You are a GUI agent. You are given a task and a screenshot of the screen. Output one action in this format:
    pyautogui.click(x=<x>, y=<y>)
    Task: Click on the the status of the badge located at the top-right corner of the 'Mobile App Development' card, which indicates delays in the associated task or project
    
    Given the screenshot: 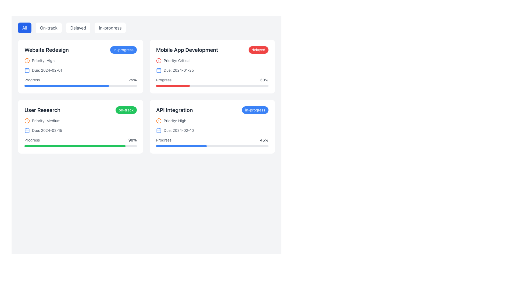 What is the action you would take?
    pyautogui.click(x=258, y=50)
    